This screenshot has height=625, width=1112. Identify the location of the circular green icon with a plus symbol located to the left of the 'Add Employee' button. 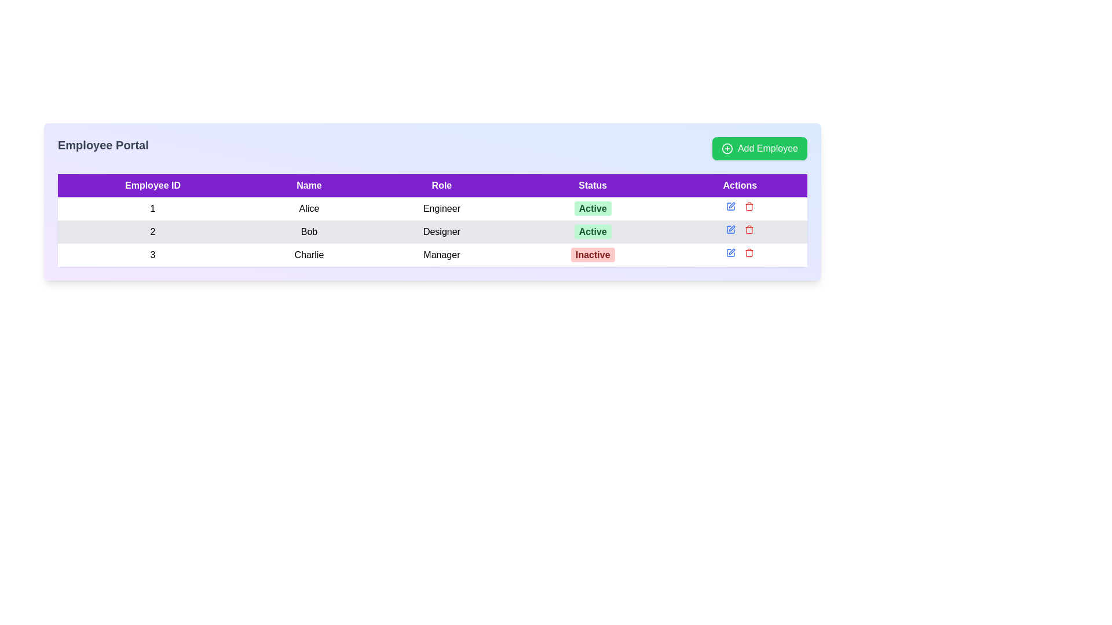
(726, 148).